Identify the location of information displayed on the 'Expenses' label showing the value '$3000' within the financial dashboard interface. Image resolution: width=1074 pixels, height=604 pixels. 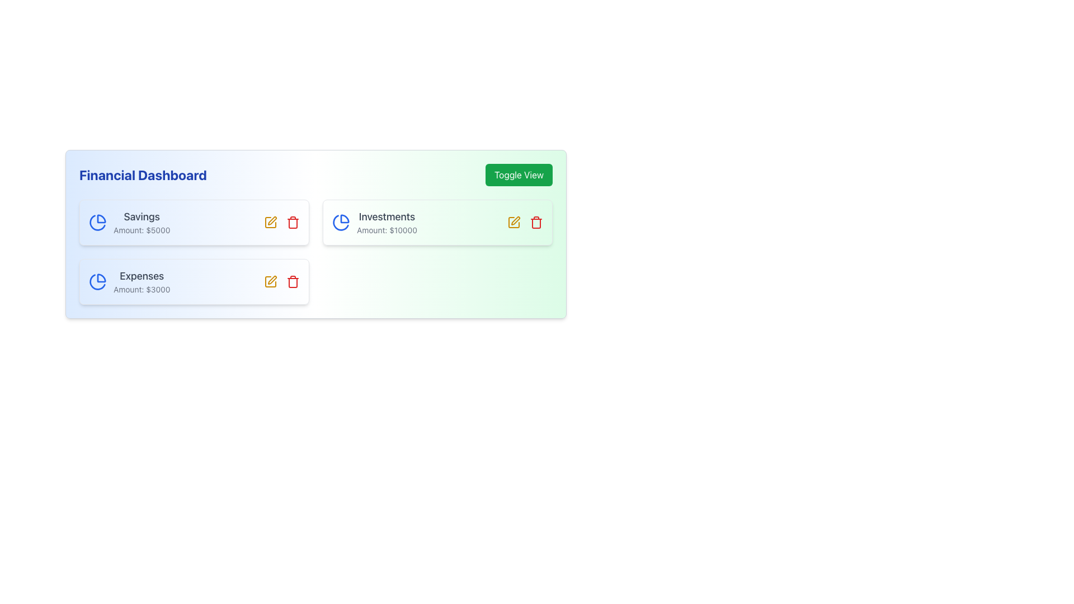
(129, 281).